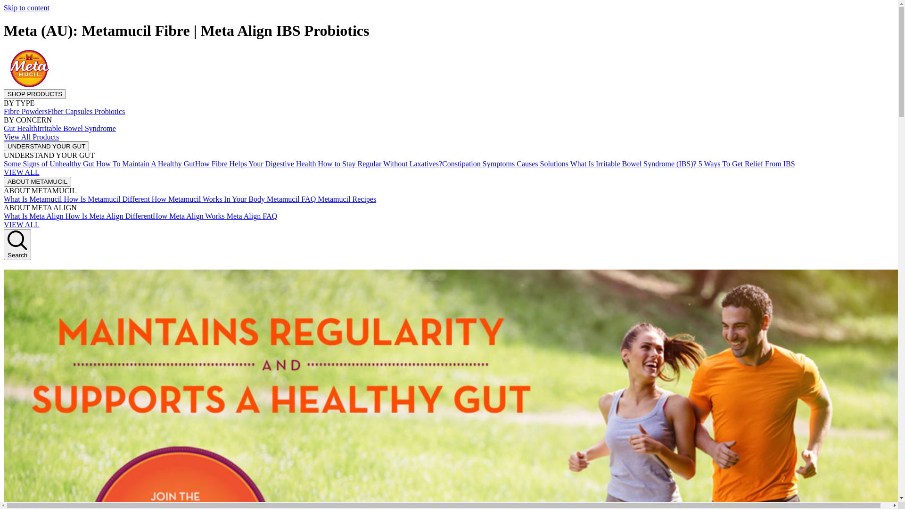 This screenshot has height=509, width=905. Describe the element at coordinates (4, 94) in the screenshot. I see `'SHOP PRODUCTS'` at that location.